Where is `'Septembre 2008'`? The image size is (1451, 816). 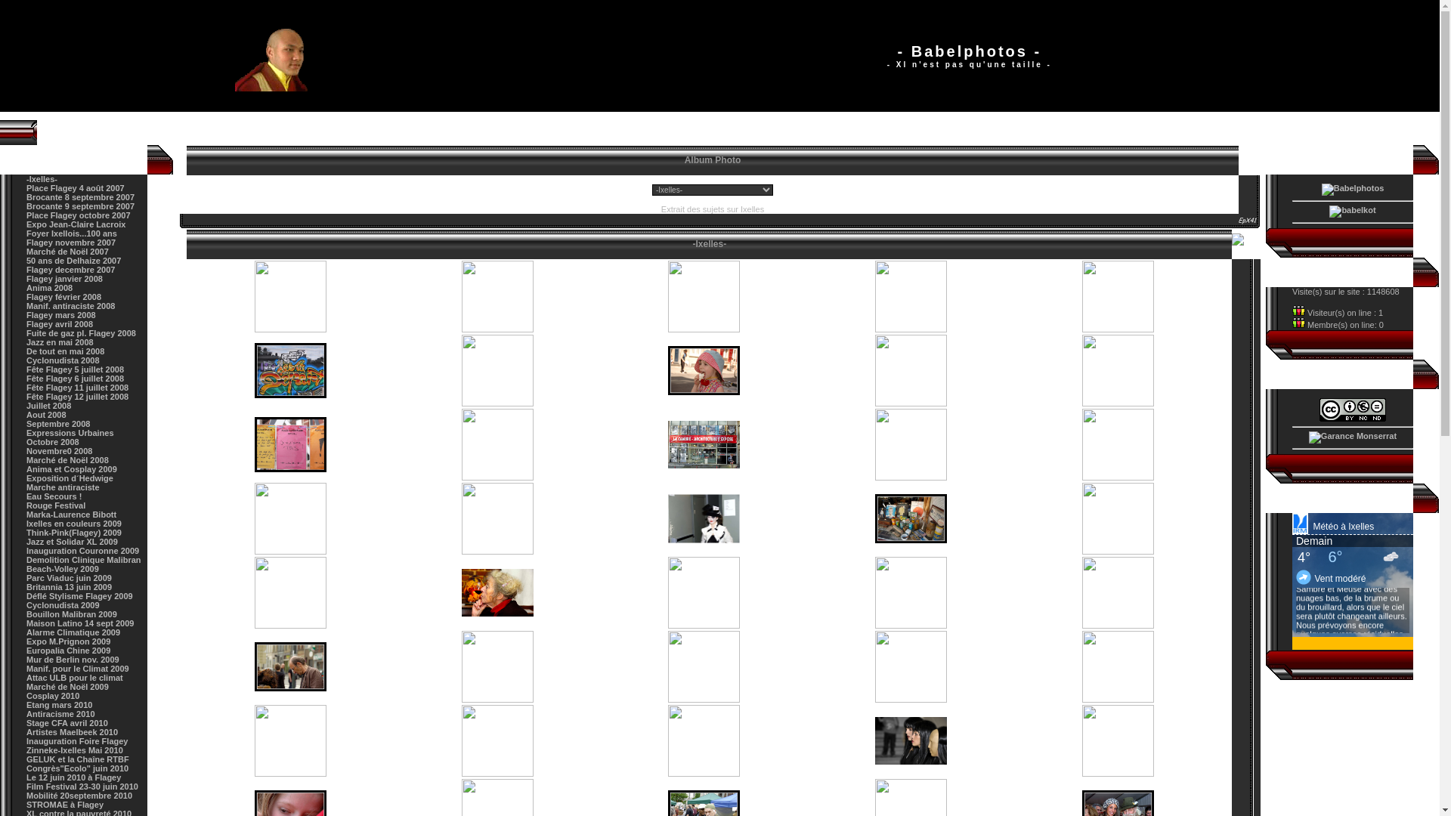
'Septembre 2008' is located at coordinates (57, 423).